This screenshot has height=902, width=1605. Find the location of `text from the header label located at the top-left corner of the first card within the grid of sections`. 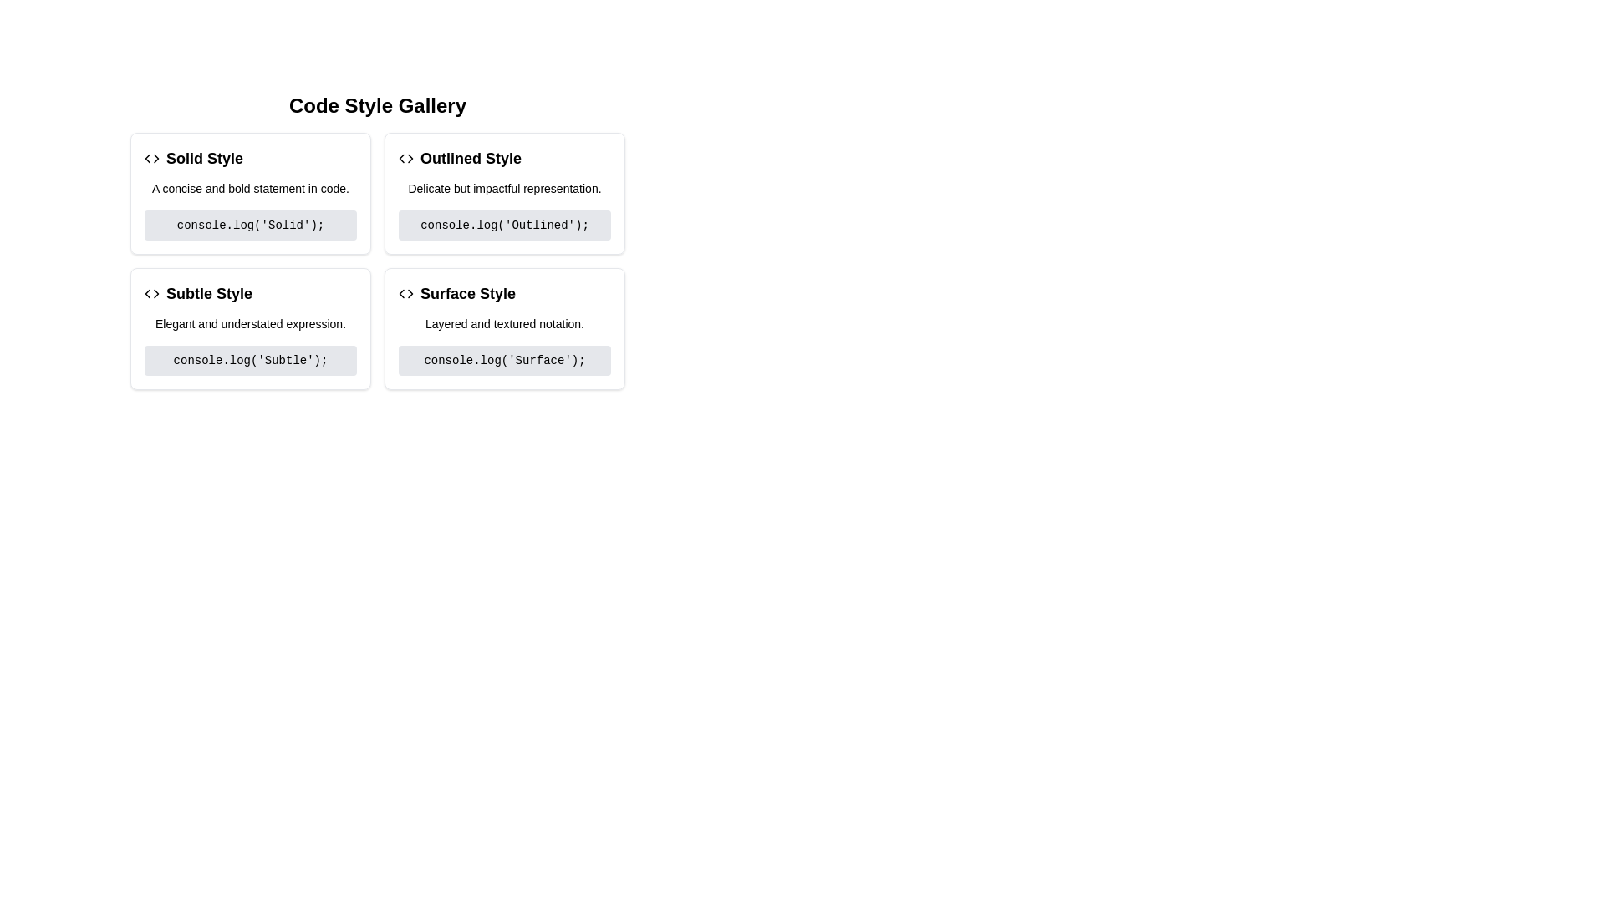

text from the header label located at the top-left corner of the first card within the grid of sections is located at coordinates (203, 158).